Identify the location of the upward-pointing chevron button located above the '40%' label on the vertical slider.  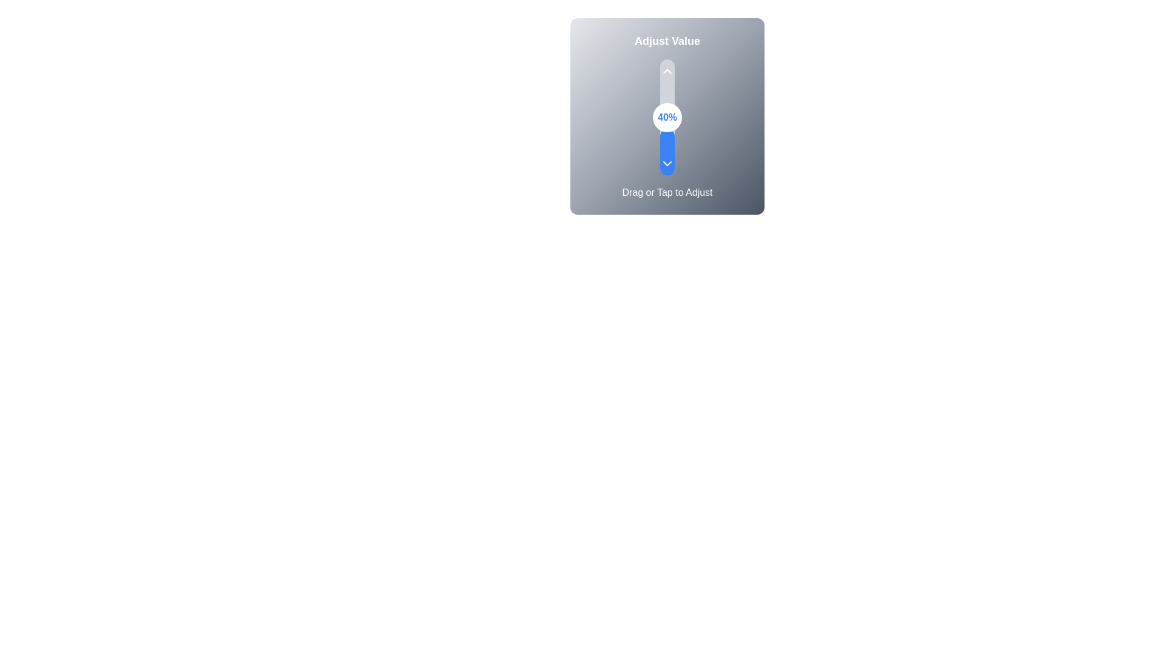
(666, 72).